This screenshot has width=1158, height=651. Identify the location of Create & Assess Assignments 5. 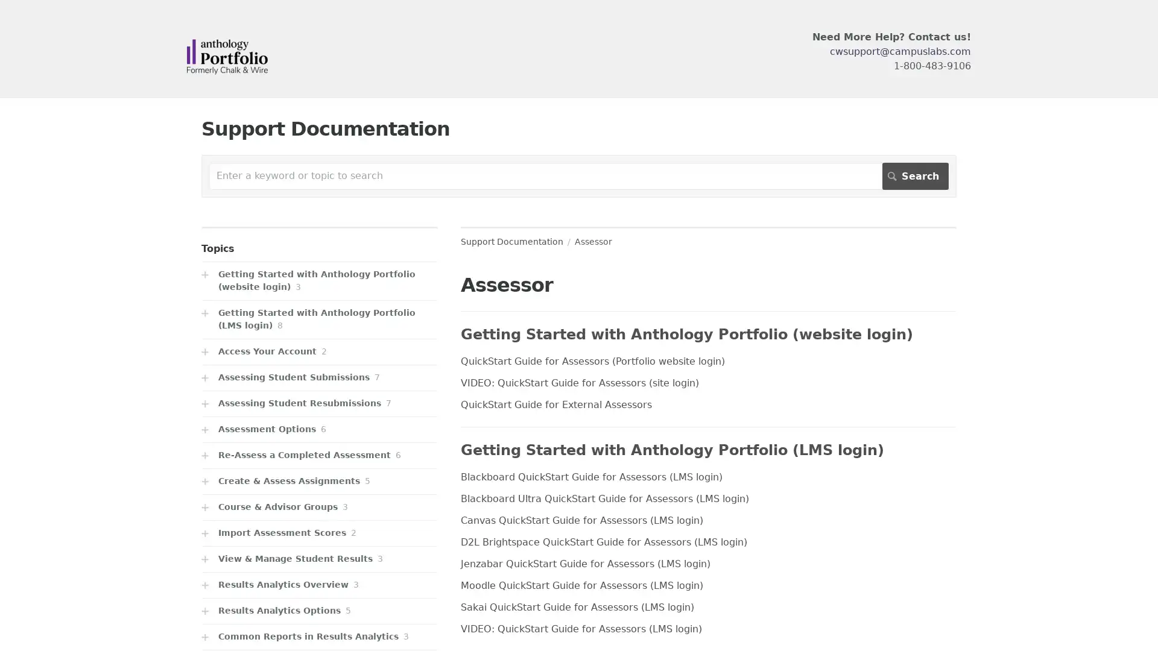
(319, 480).